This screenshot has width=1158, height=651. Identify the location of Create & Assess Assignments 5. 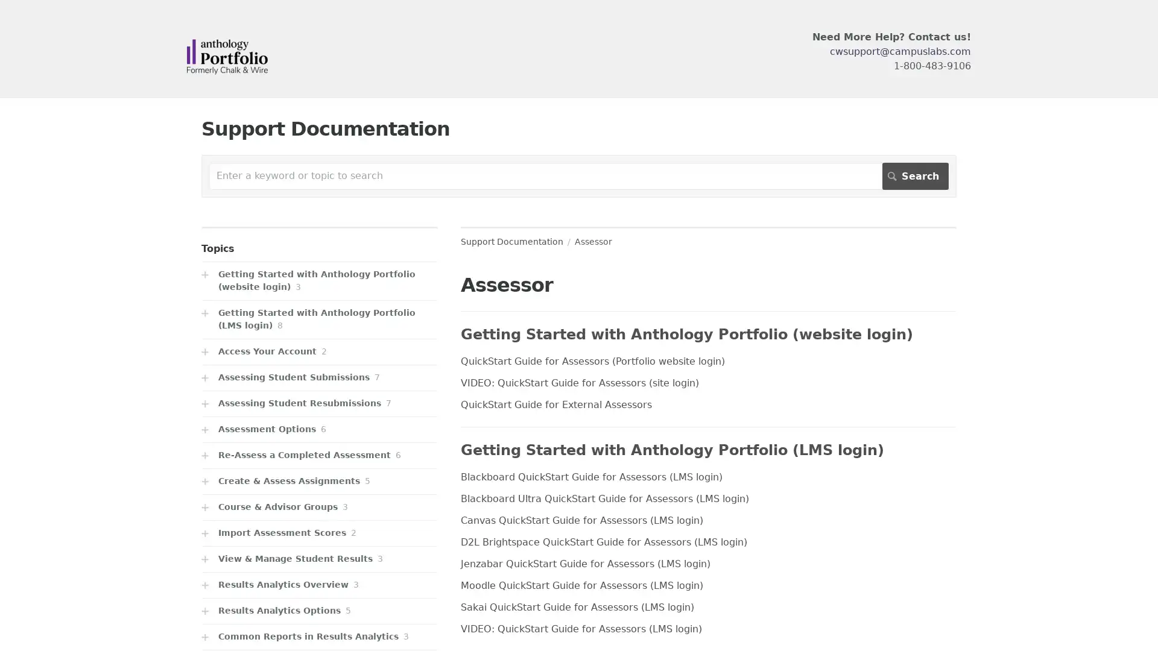
(319, 480).